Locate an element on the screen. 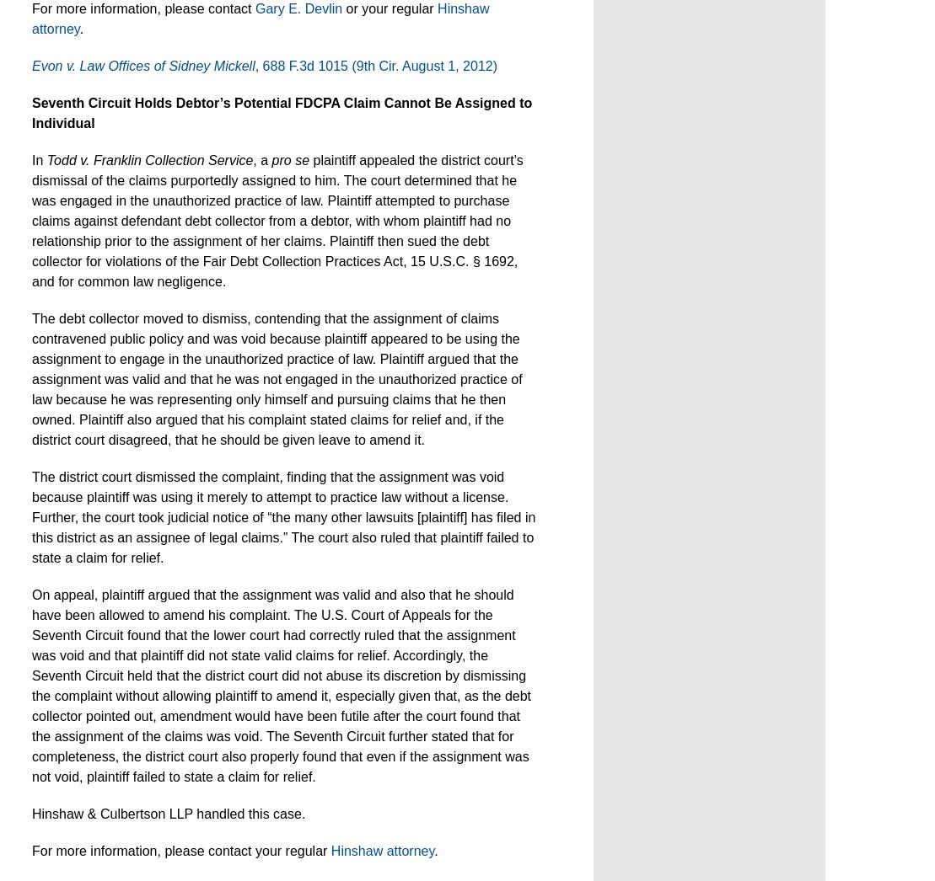 This screenshot has width=935, height=881. 'Hinshaw & Culbertson LLP handled this case.' is located at coordinates (32, 813).